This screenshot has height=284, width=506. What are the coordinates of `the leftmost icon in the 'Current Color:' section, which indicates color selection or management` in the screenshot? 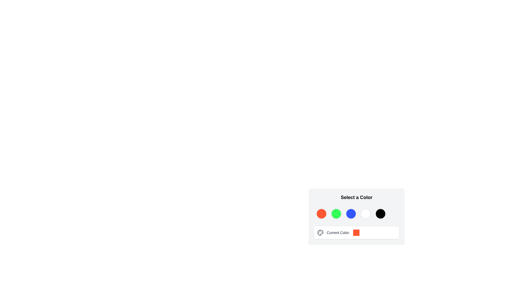 It's located at (320, 232).